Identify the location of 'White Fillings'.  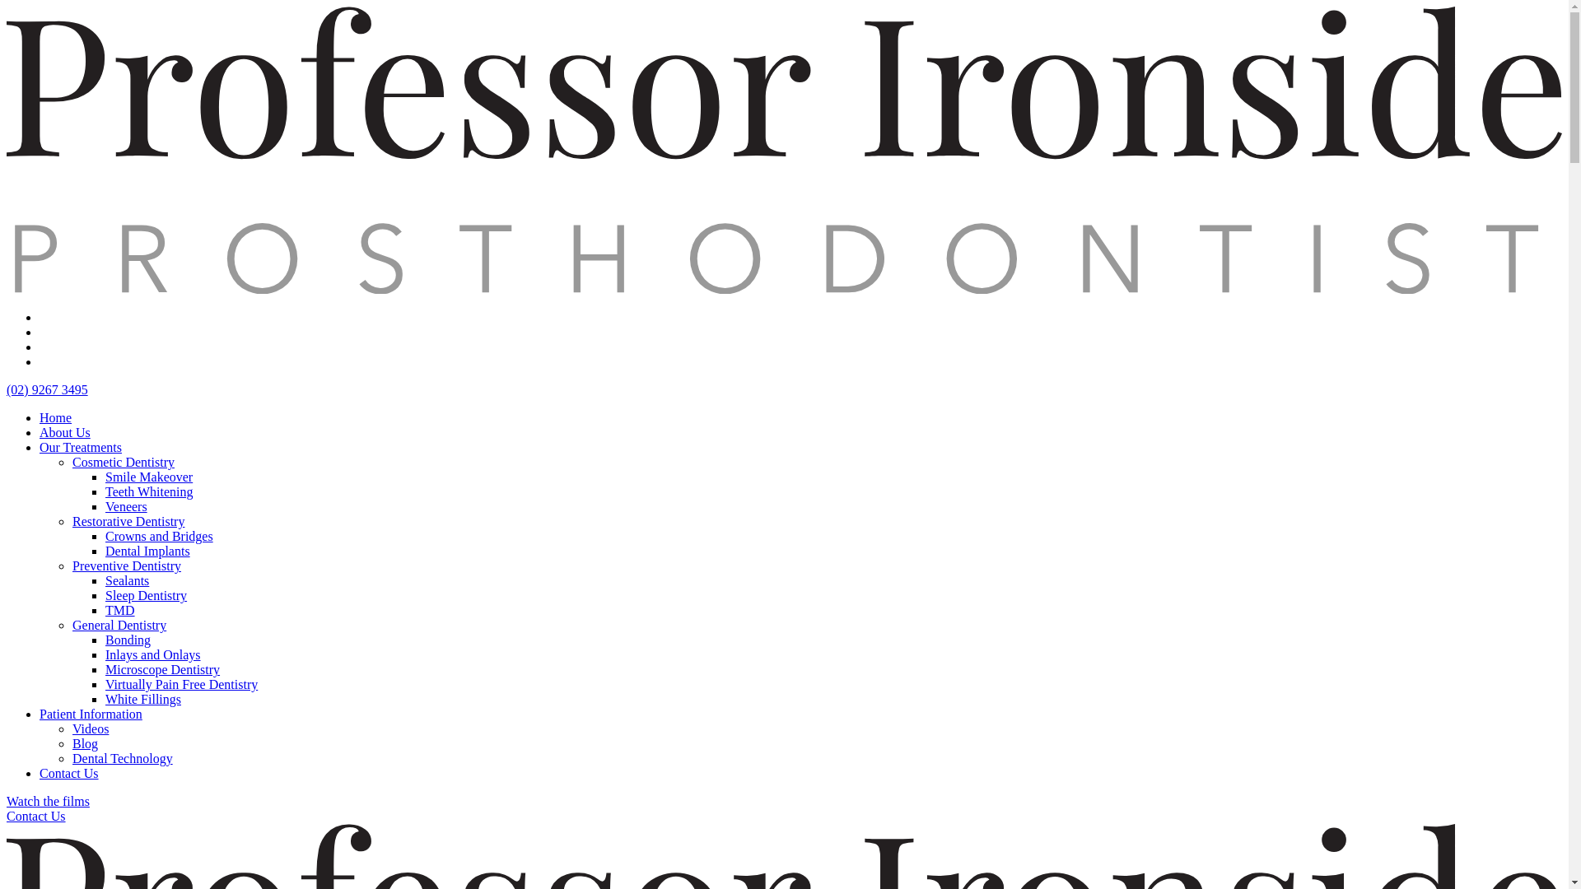
(142, 699).